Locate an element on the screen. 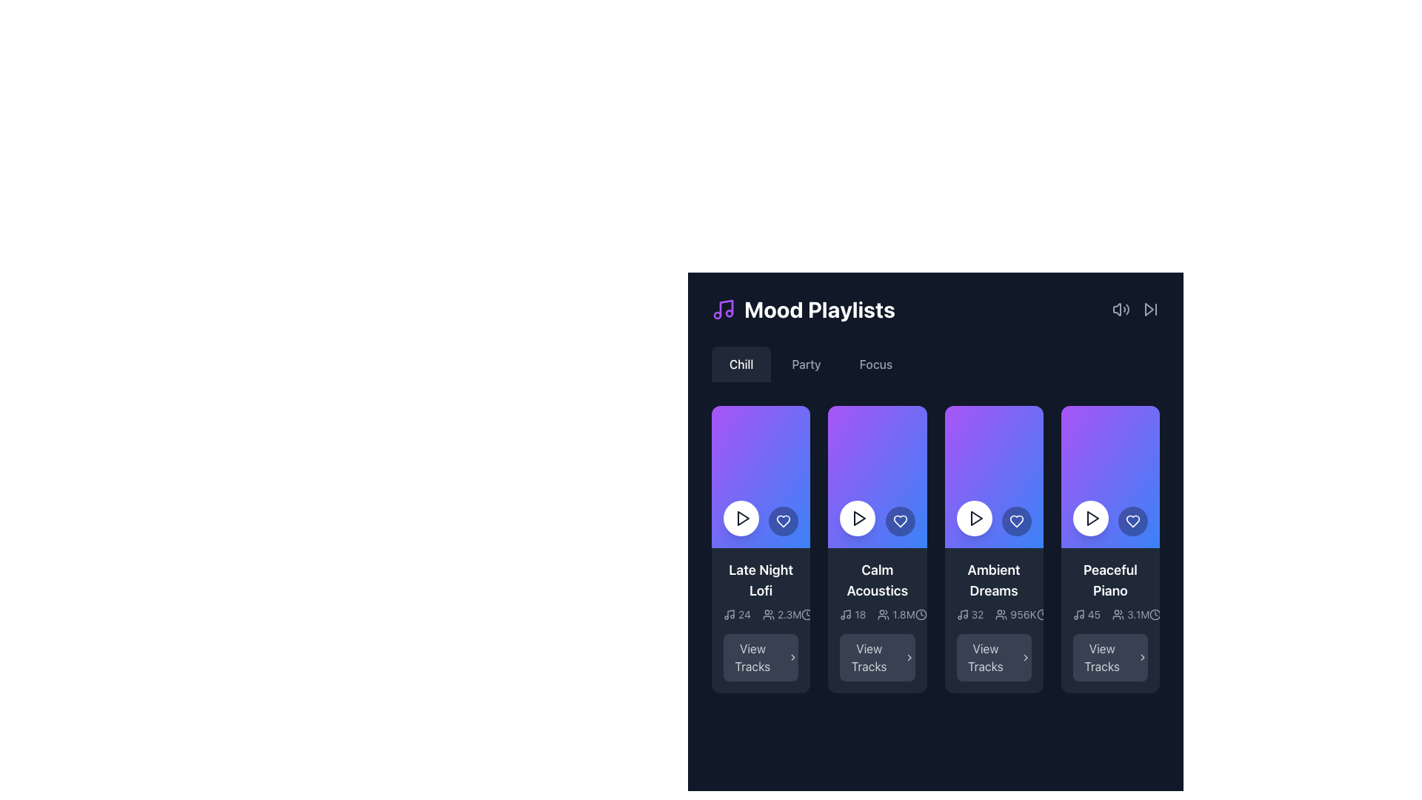 The image size is (1422, 800). the clock icon located in the 'Peaceful Piano' section, which is styled with a circular border and clock hands, positioned next to the text '3.1M' is located at coordinates (1155, 614).